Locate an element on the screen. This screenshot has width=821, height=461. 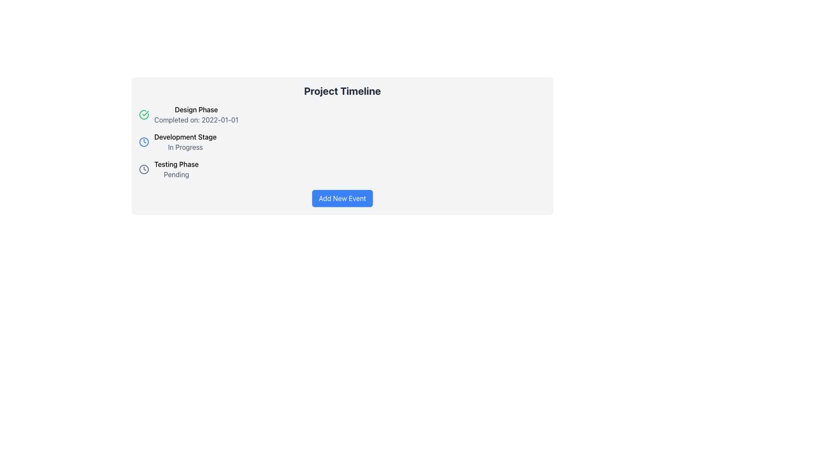
the 'Add New Event' button, which is a blue rectangular button with white text located at the bottom center of the 'Project Timeline' section is located at coordinates (343, 198).